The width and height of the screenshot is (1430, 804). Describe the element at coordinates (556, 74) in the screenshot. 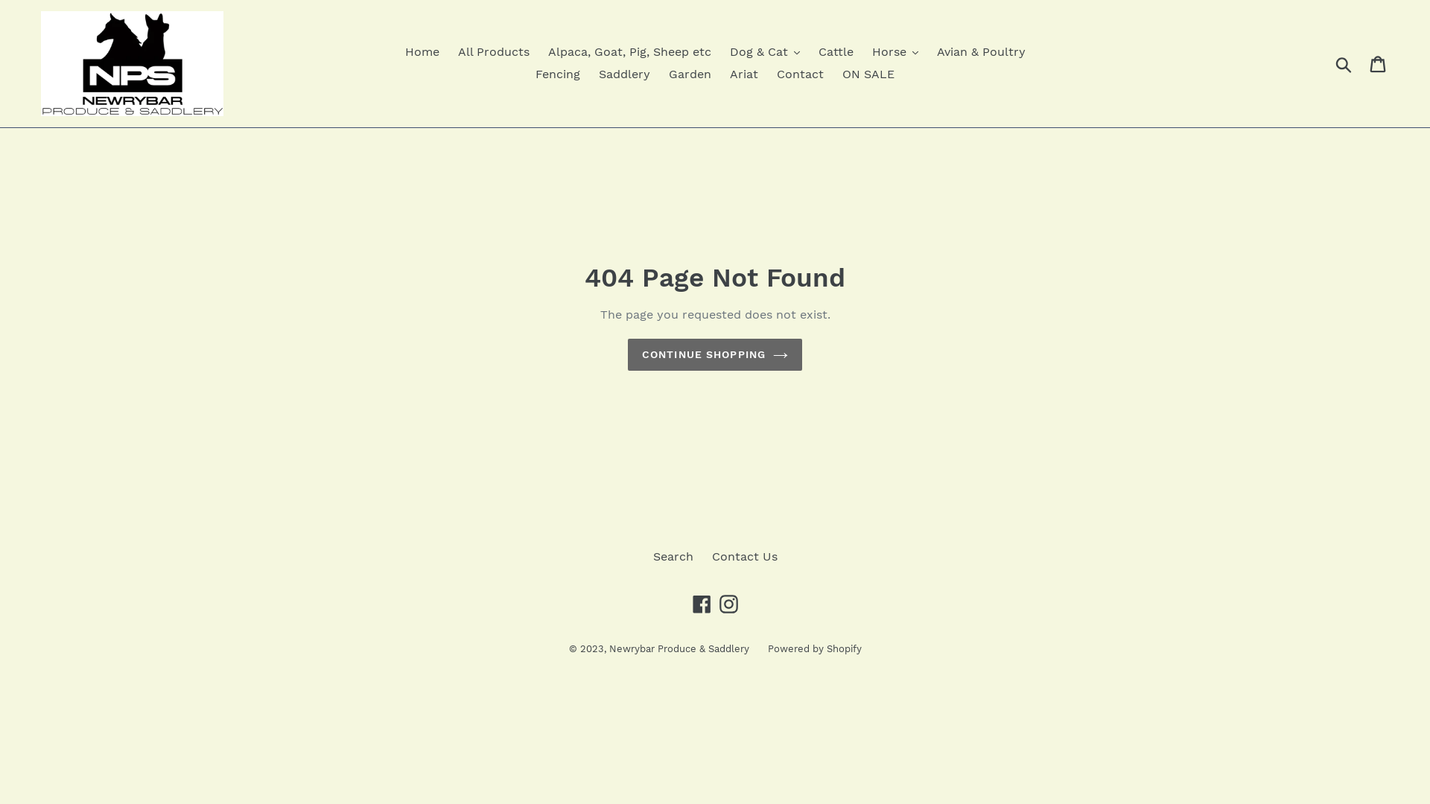

I see `'Fencing'` at that location.